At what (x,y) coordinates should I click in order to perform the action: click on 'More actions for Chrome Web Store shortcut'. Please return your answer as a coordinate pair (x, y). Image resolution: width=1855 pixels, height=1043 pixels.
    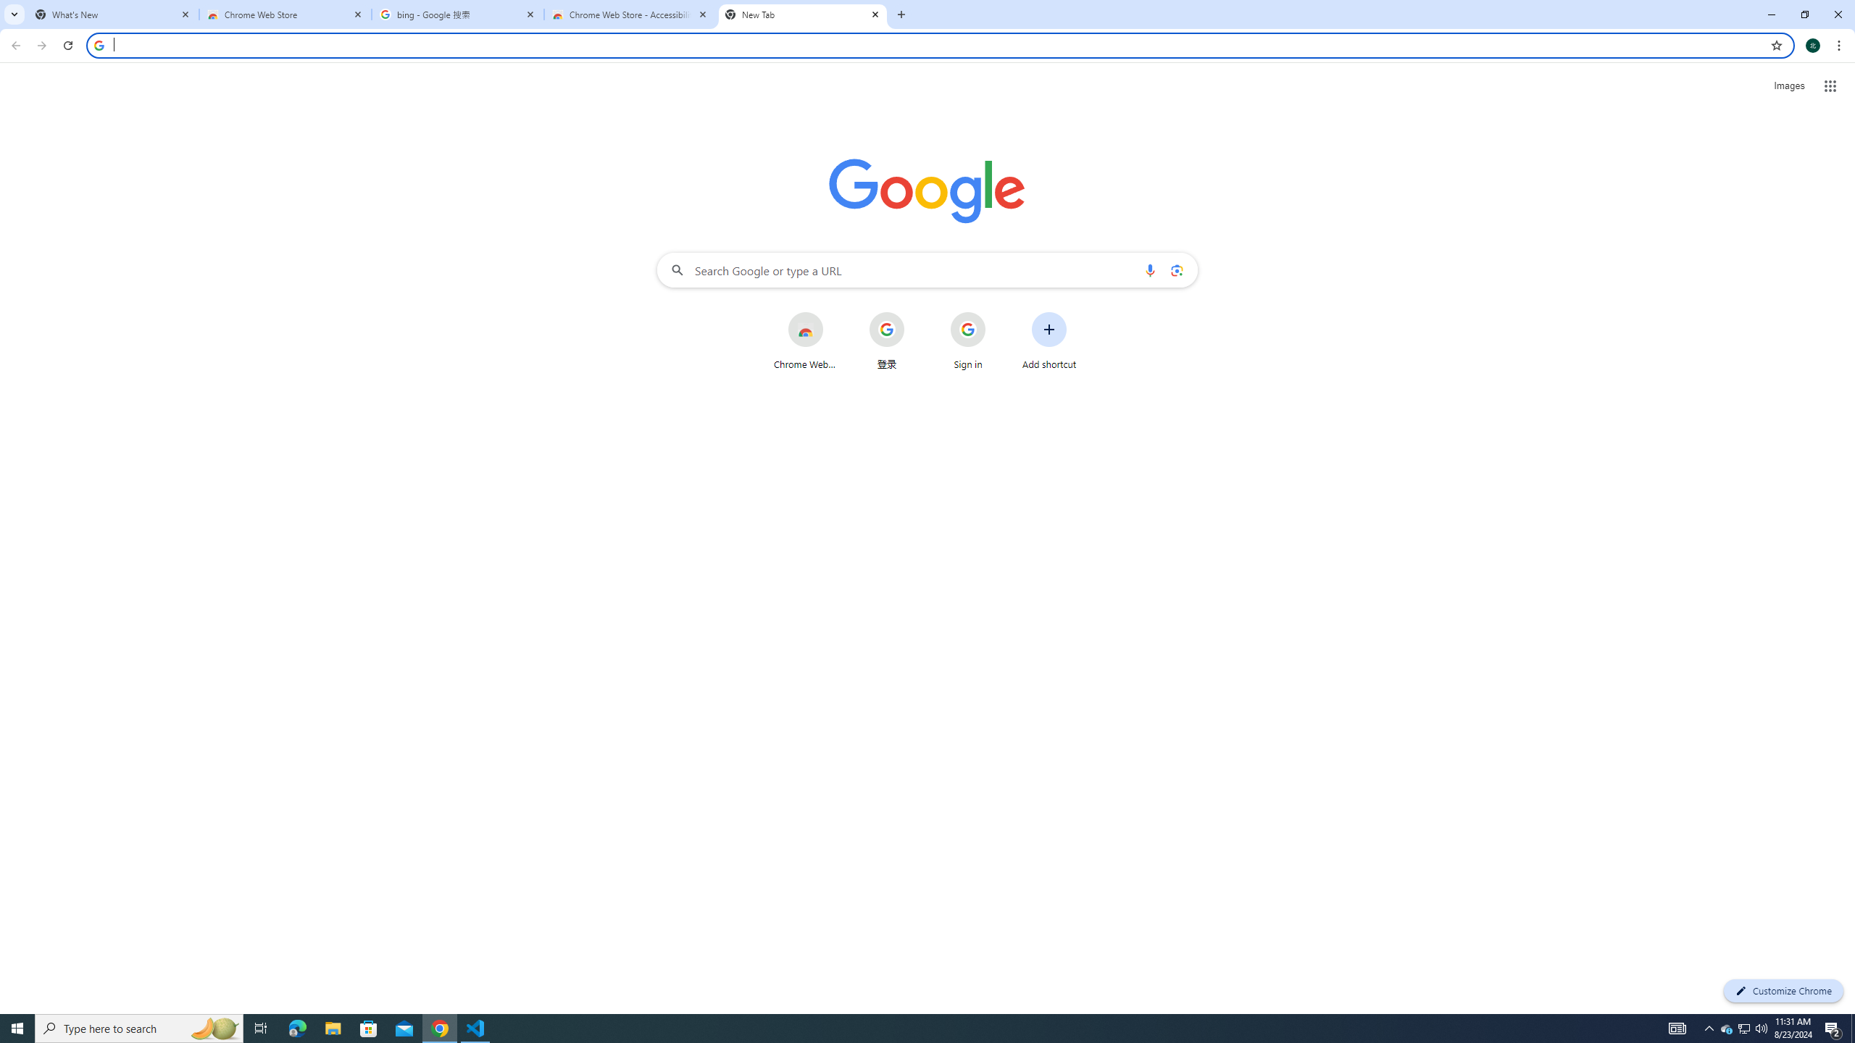
    Looking at the image, I should click on (834, 313).